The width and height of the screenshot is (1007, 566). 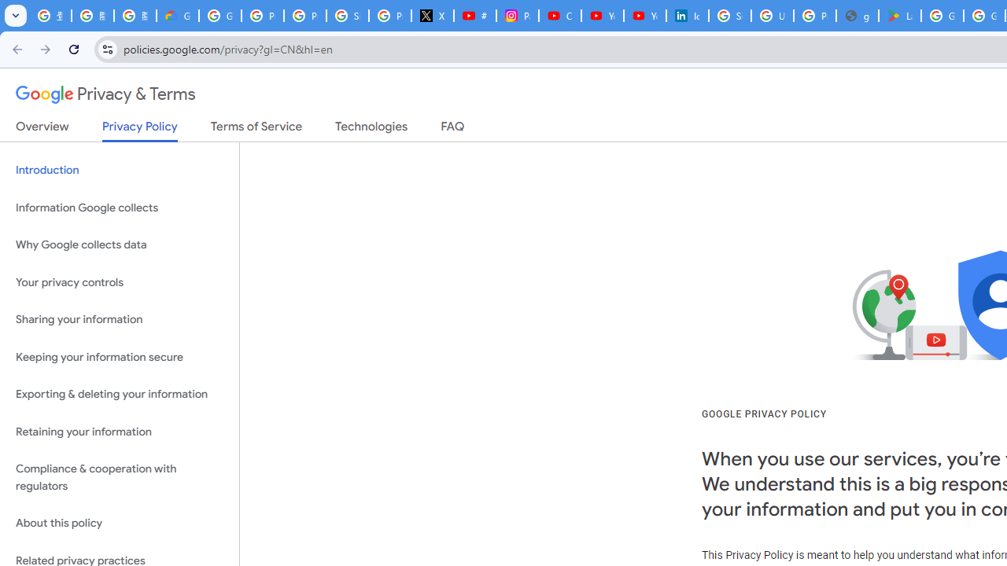 What do you see at coordinates (177, 16) in the screenshot?
I see `'Google Cloud Privacy Notice'` at bounding box center [177, 16].